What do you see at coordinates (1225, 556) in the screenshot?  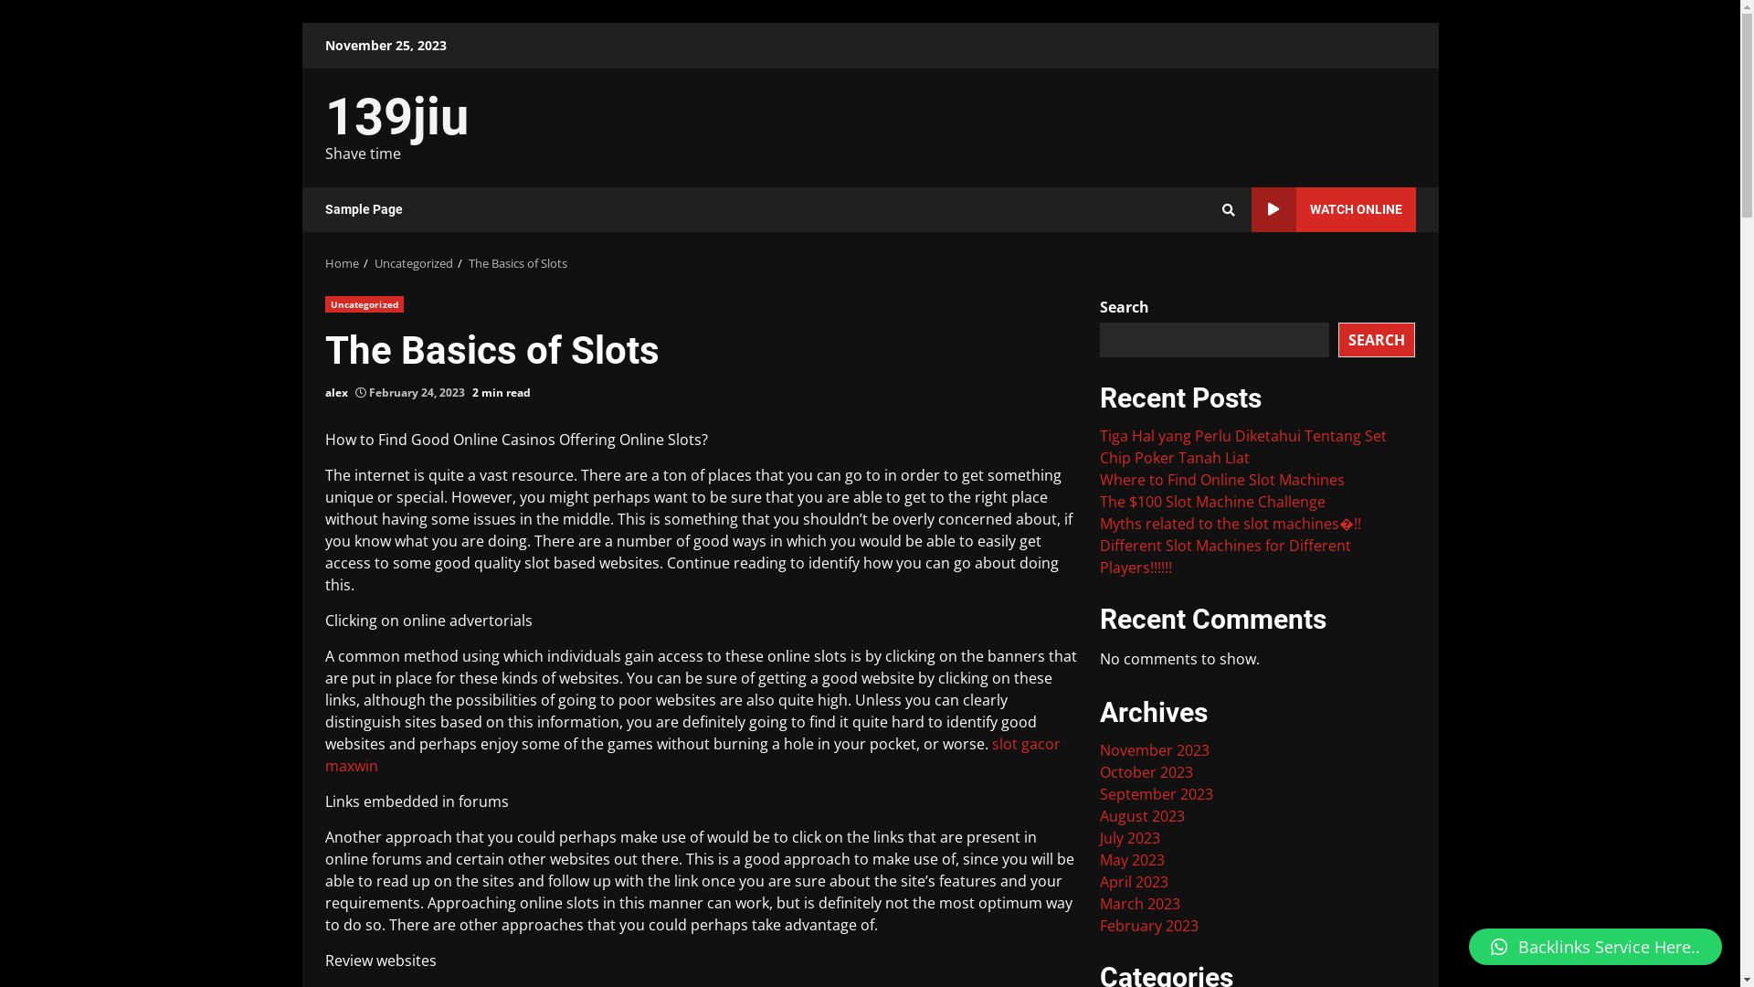 I see `'Different Slot Machines for Different Players!!!!!!'` at bounding box center [1225, 556].